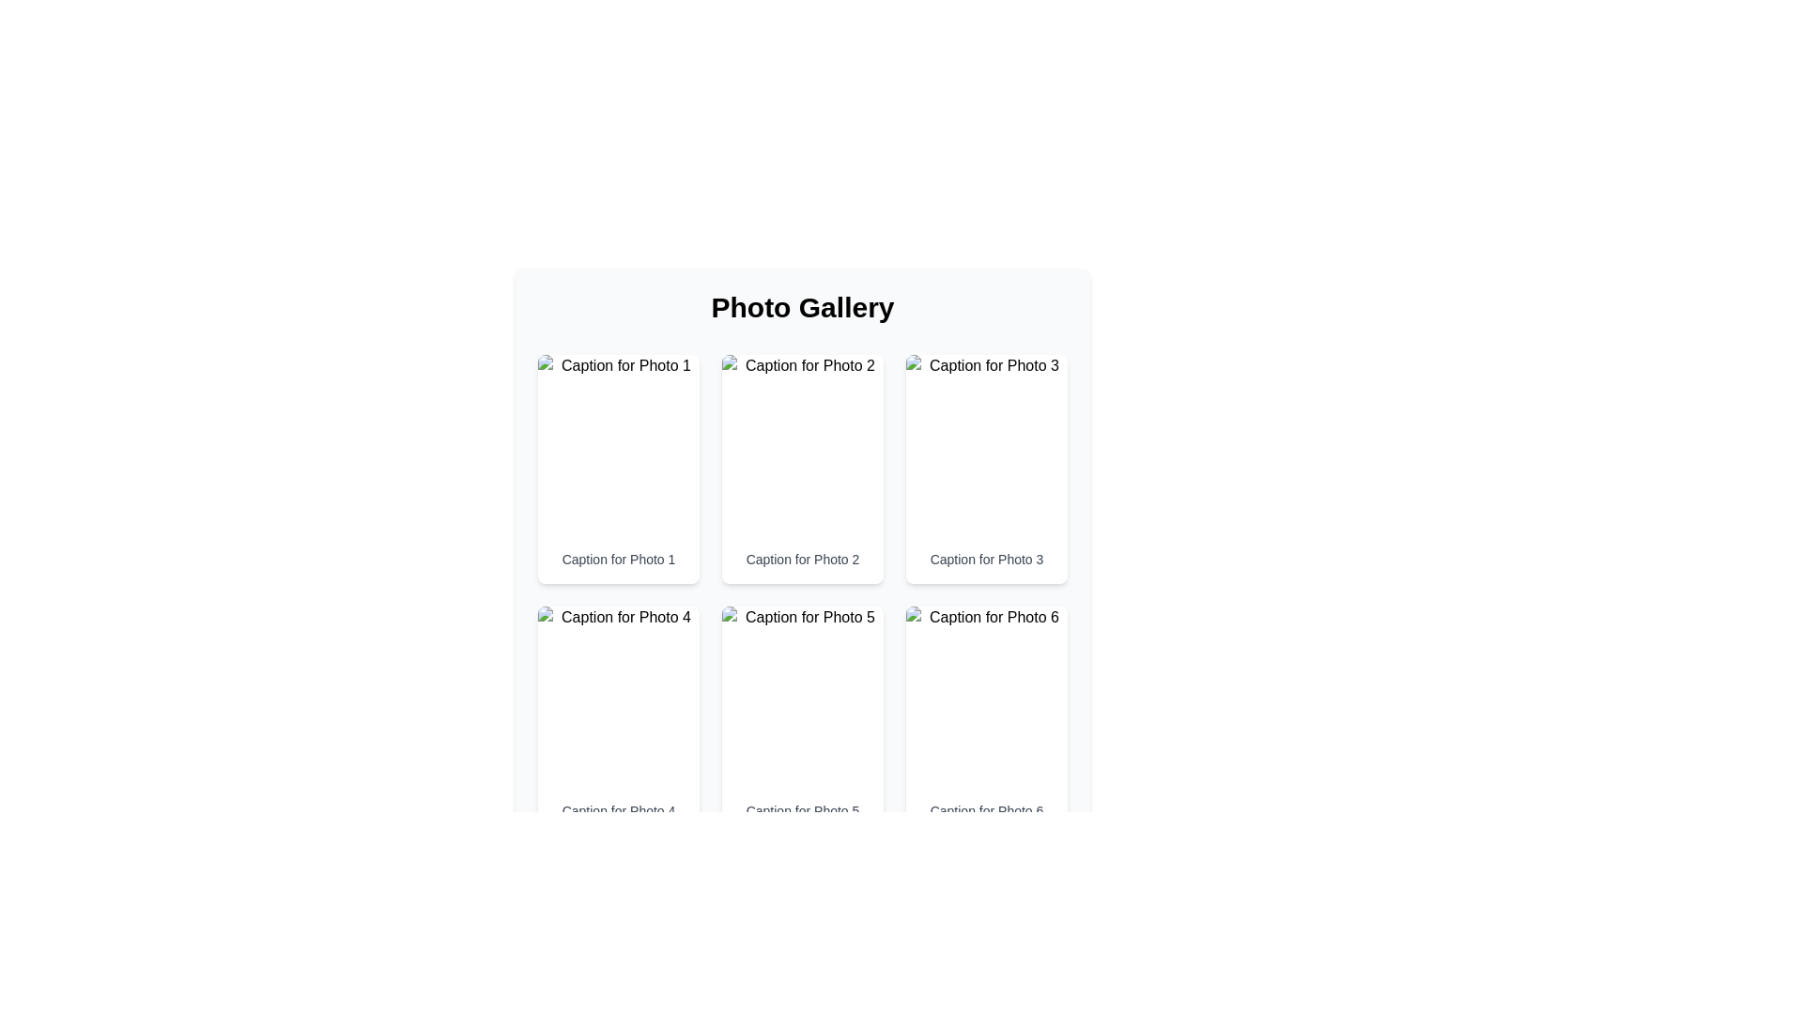  Describe the element at coordinates (618, 810) in the screenshot. I see `the text label styled in gray that reads 'Caption for Photo 4', located at the bottom of a card layout directly below the image labeled 'Photo 4'` at that location.